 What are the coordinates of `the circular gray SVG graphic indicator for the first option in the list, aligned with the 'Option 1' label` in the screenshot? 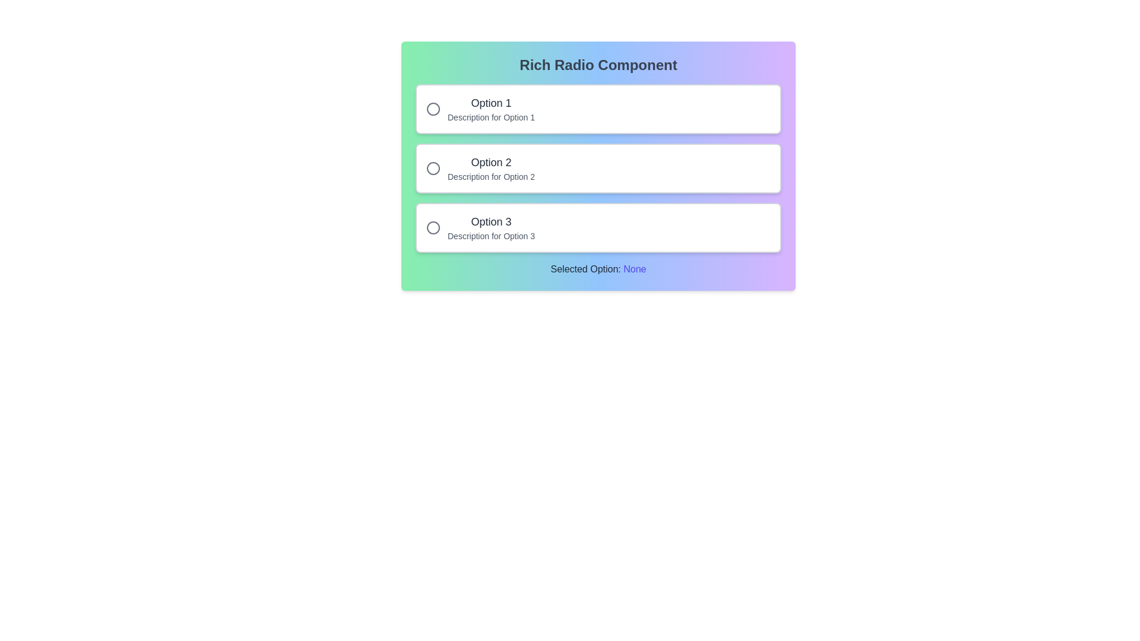 It's located at (432, 109).